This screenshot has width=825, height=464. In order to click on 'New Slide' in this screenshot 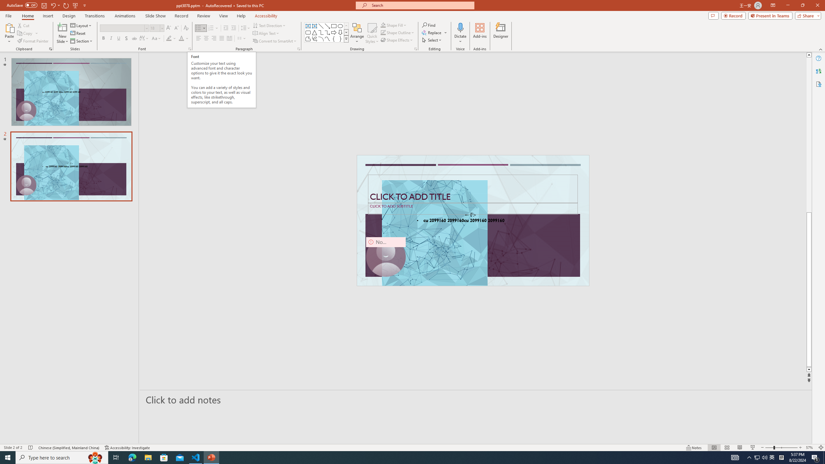, I will do `click(62, 33)`.